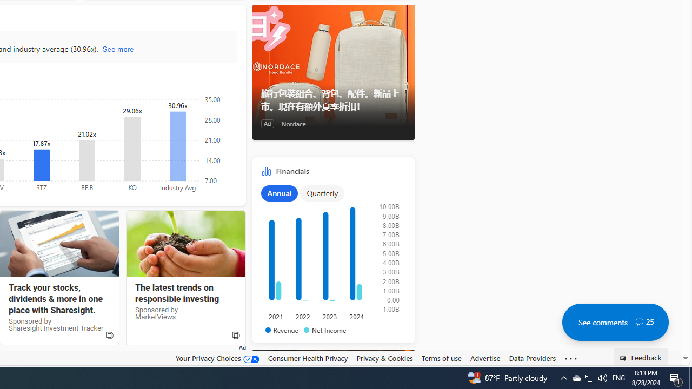 The image size is (692, 389). I want to click on 'See comments 25', so click(615, 321).